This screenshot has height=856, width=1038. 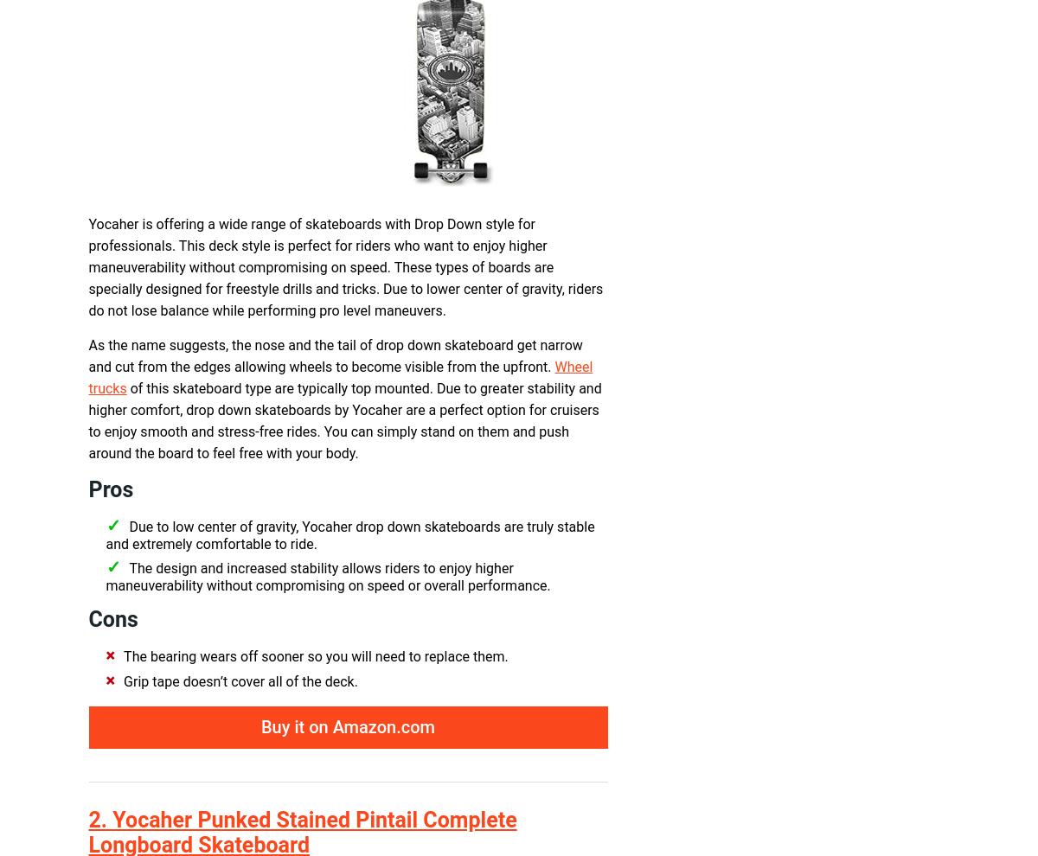 What do you see at coordinates (111, 489) in the screenshot?
I see `'Pros'` at bounding box center [111, 489].